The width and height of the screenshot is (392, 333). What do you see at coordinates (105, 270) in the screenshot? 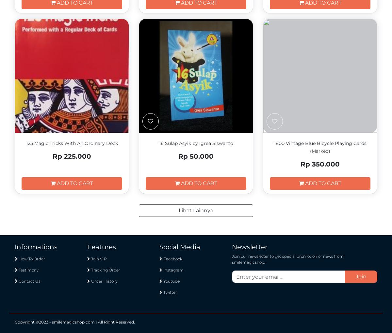
I see `'Tracking Order'` at bounding box center [105, 270].